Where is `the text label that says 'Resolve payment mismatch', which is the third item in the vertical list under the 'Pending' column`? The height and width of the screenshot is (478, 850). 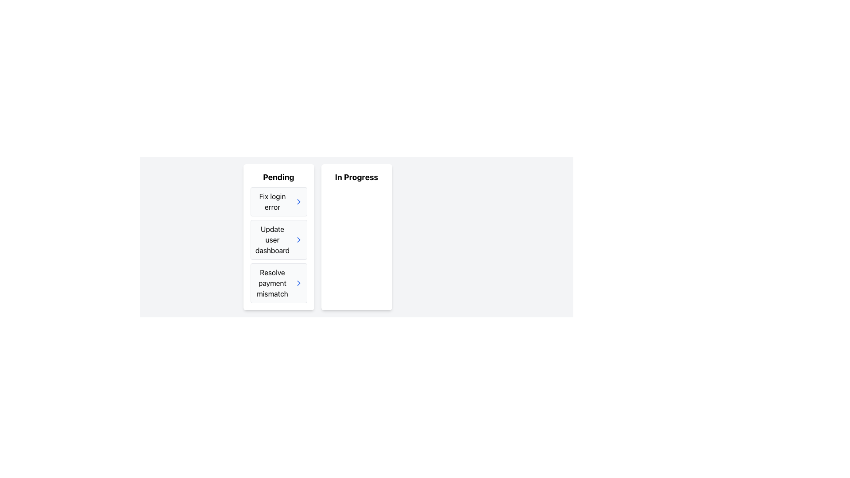 the text label that says 'Resolve payment mismatch', which is the third item in the vertical list under the 'Pending' column is located at coordinates (272, 283).